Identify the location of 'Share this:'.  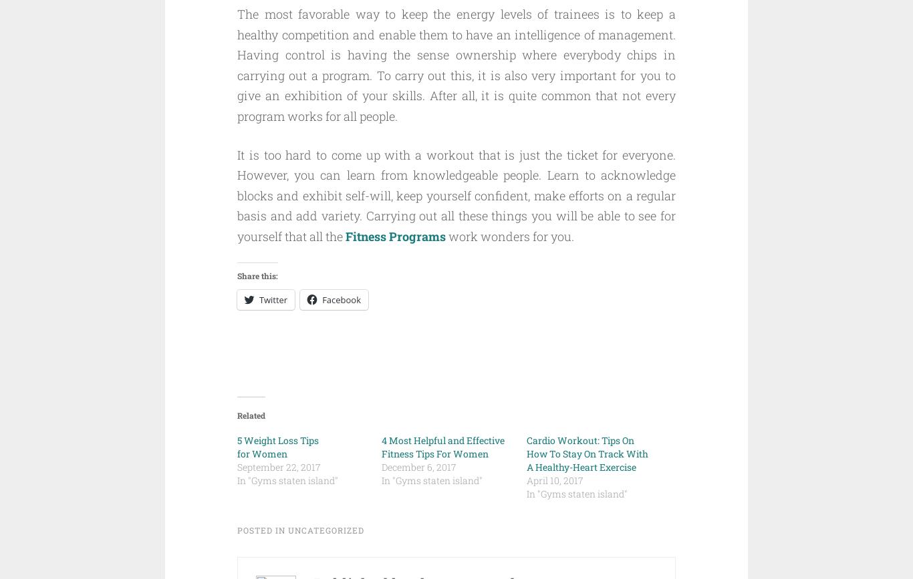
(237, 274).